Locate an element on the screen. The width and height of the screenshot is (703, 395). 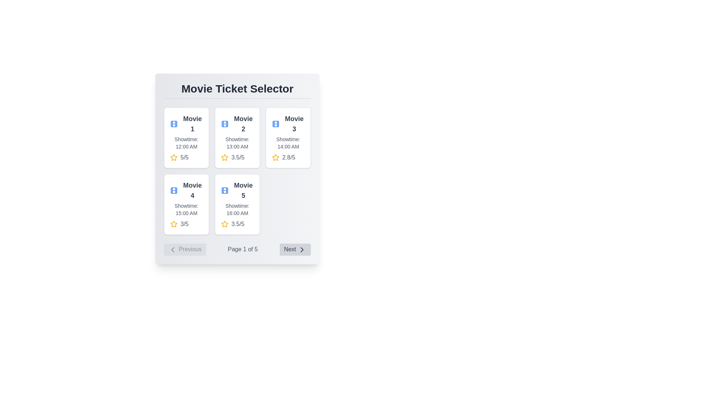
the blue movie icon located to the left of the text 'Movie 5' in the fifth movie card to interact with the associated card is located at coordinates (224, 190).